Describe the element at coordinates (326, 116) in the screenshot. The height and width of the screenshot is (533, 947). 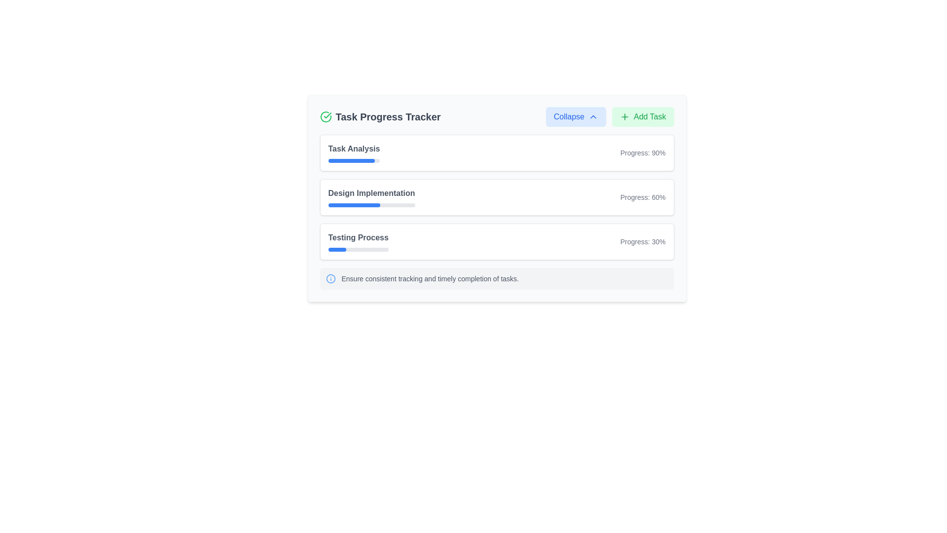
I see `the status represented by the green circular icon with a checkmark, located to the left of the 'Task Progress Tracker' header` at that location.